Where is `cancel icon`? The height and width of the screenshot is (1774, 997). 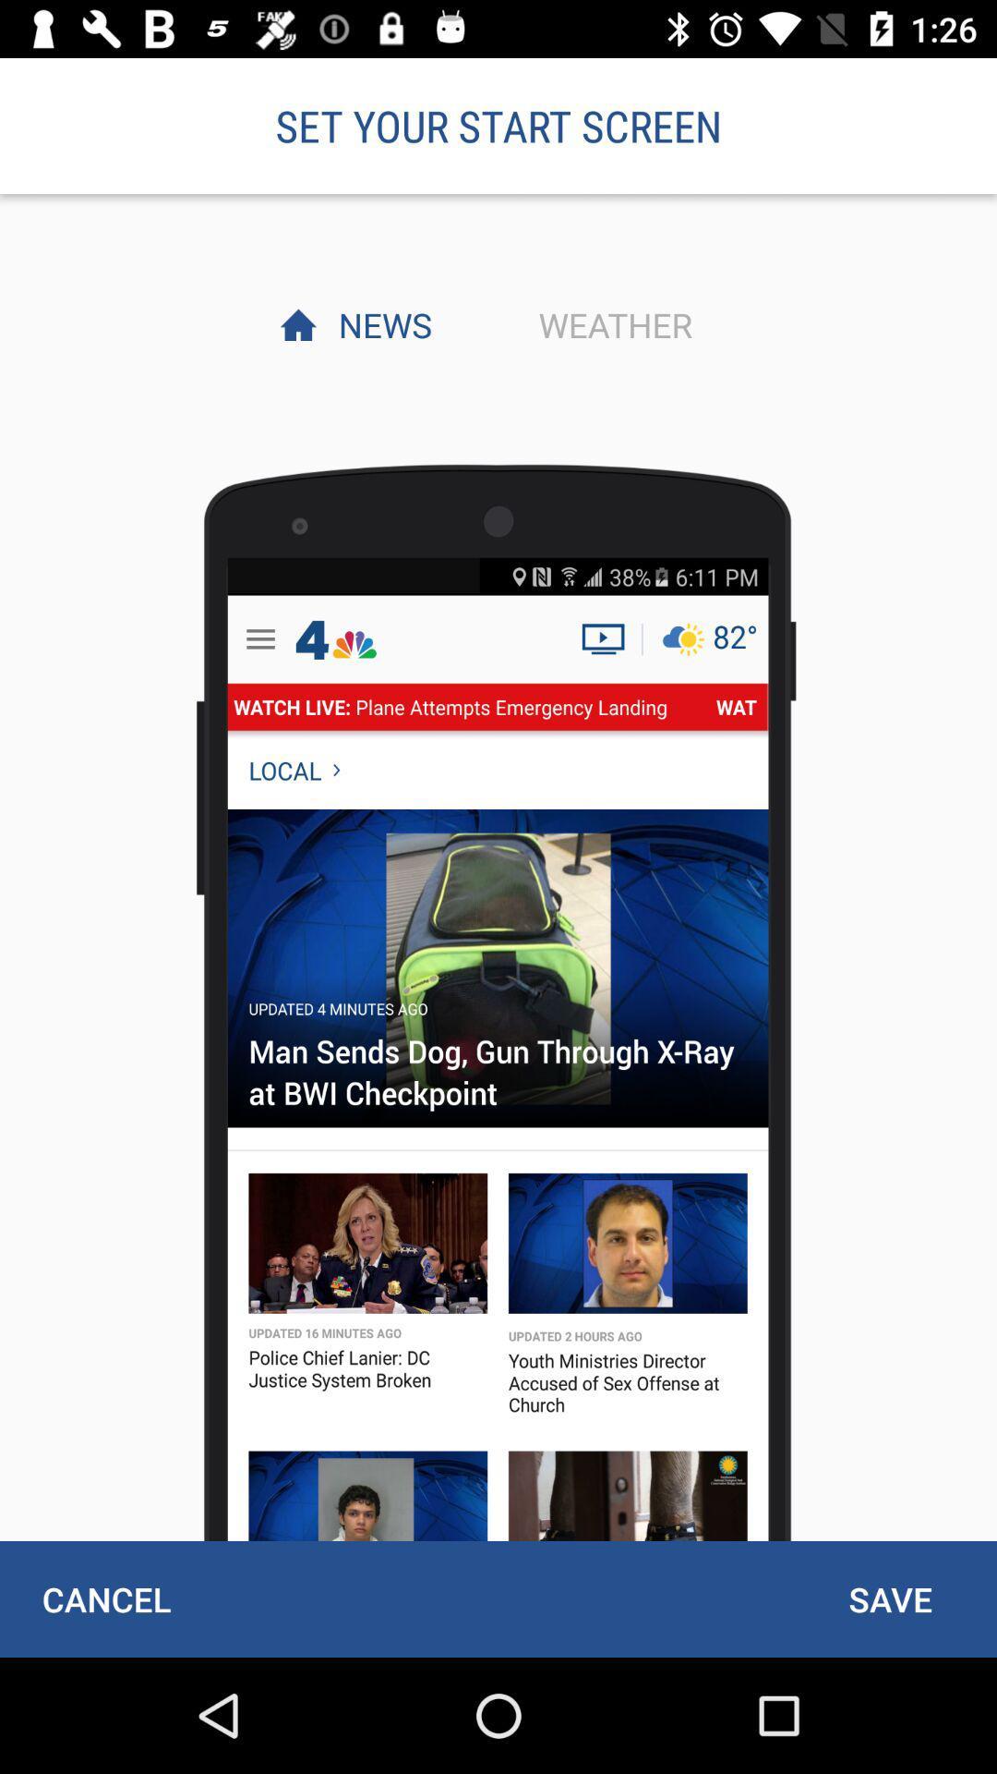
cancel icon is located at coordinates (106, 1598).